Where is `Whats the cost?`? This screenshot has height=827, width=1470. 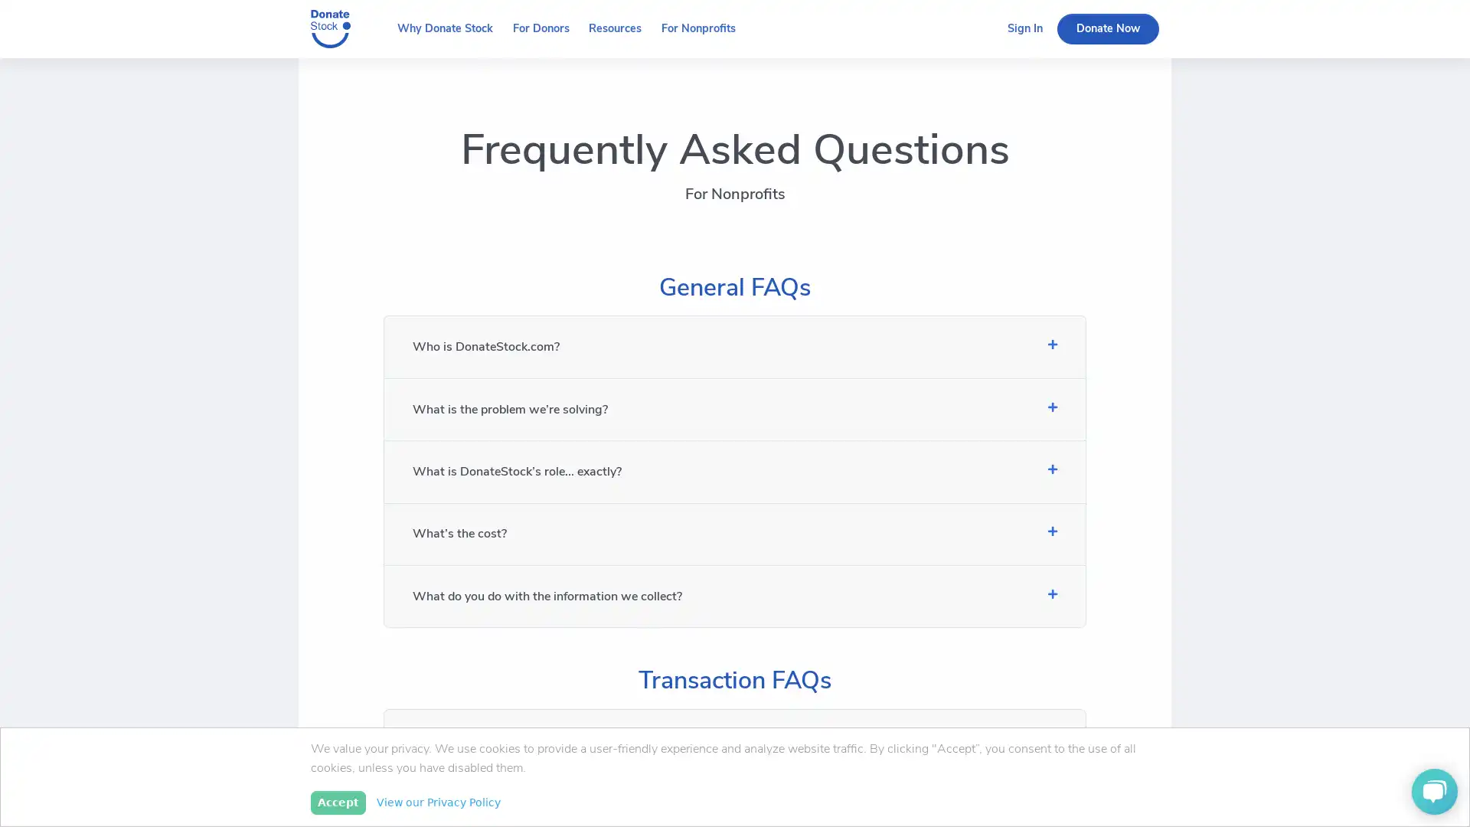 Whats the cost? is located at coordinates (733, 533).